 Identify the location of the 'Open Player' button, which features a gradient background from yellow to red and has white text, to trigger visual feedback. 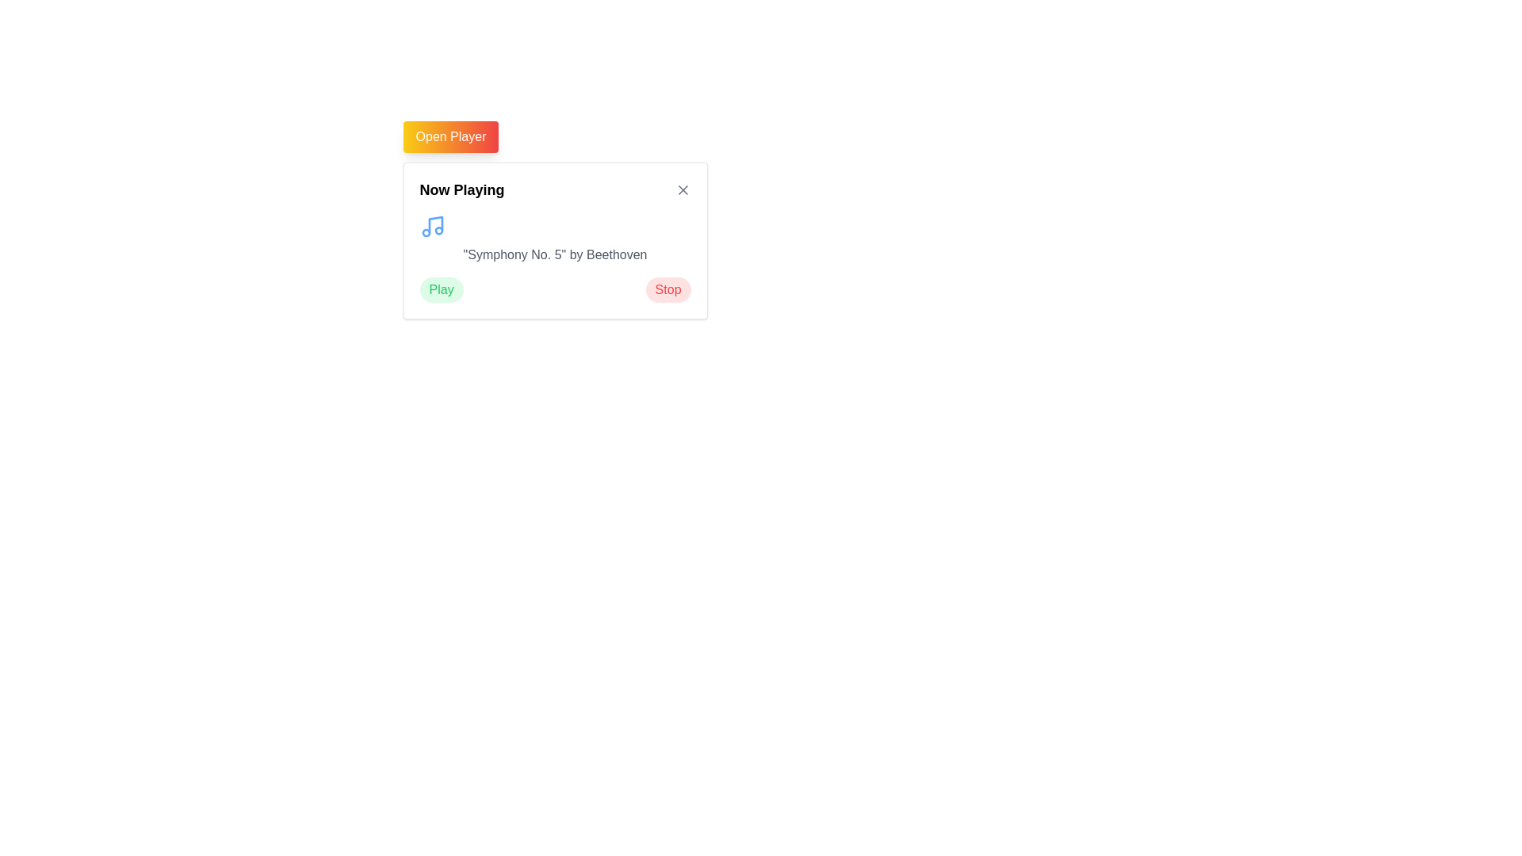
(450, 136).